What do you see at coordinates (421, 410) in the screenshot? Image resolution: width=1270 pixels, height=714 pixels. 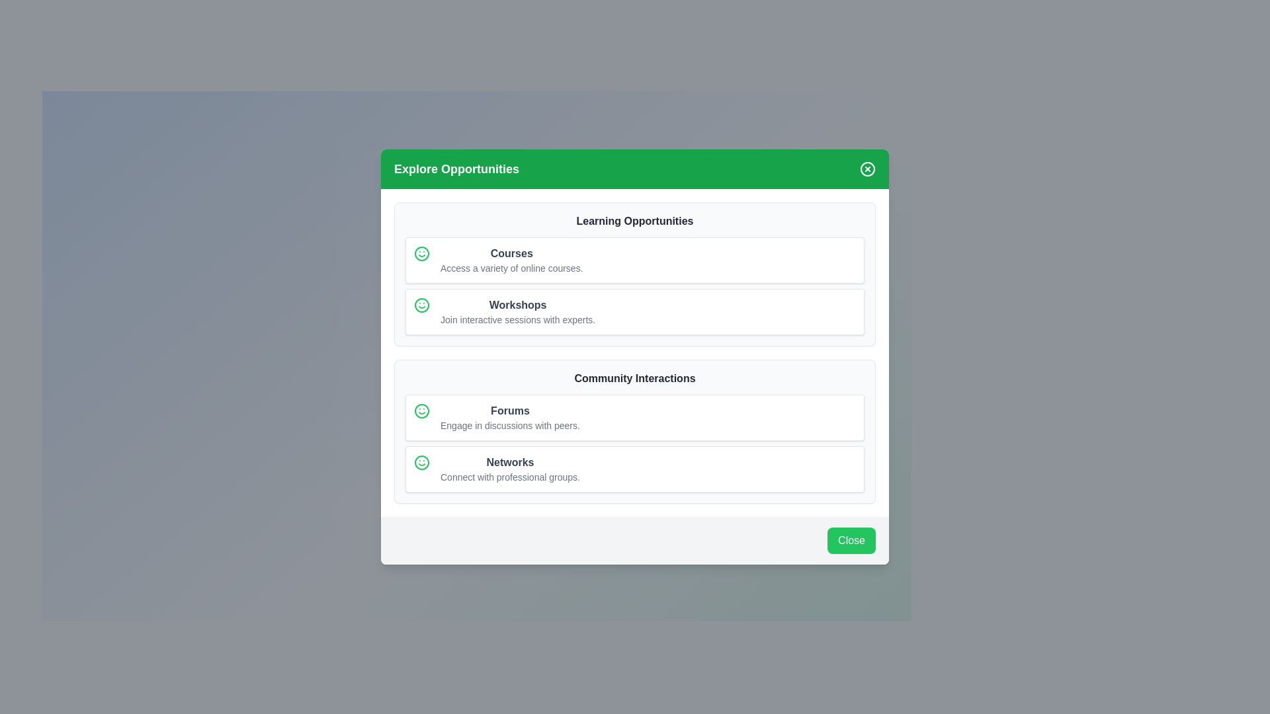 I see `the green circle icon with a smiley face, which is part of the 'Learning Opportunities' module, located to the left of the 'Courses' text` at bounding box center [421, 410].